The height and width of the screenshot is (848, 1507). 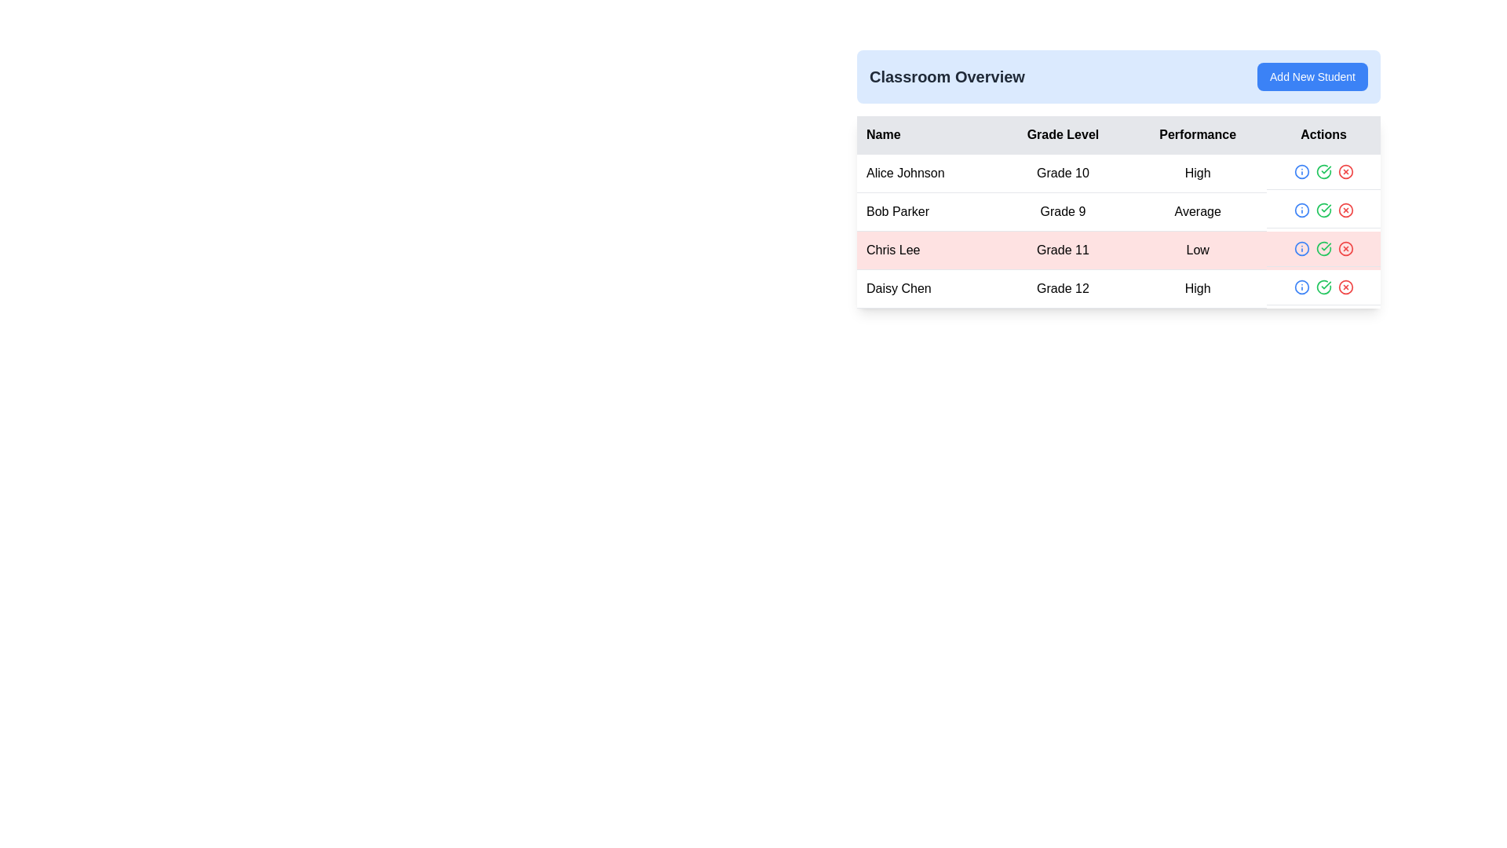 What do you see at coordinates (1118, 288) in the screenshot?
I see `one of the interactive icons in the 'Actions' column of the fourth student row in the classroom overview table, which contains student information after 'Alice Johnson', 'Bob Parker', and 'Chris Lee'` at bounding box center [1118, 288].